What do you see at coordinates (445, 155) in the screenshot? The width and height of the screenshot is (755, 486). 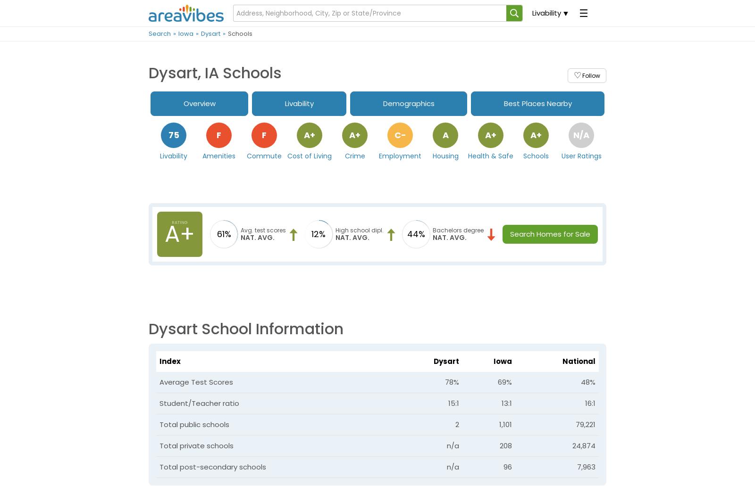 I see `'Housing'` at bounding box center [445, 155].